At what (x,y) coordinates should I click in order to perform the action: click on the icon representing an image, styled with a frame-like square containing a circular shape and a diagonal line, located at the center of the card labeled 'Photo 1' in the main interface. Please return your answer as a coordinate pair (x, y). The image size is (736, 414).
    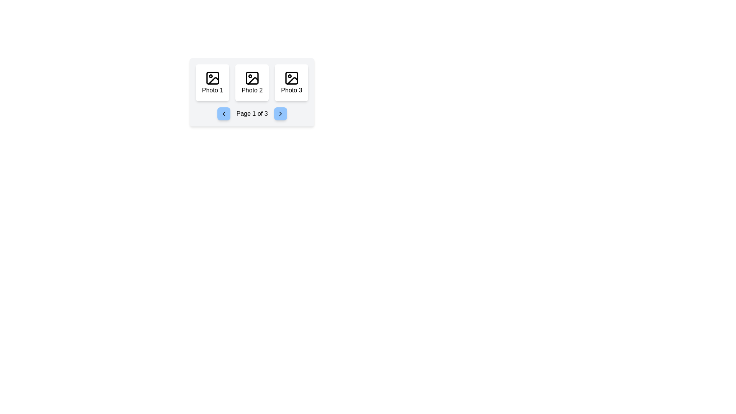
    Looking at the image, I should click on (212, 78).